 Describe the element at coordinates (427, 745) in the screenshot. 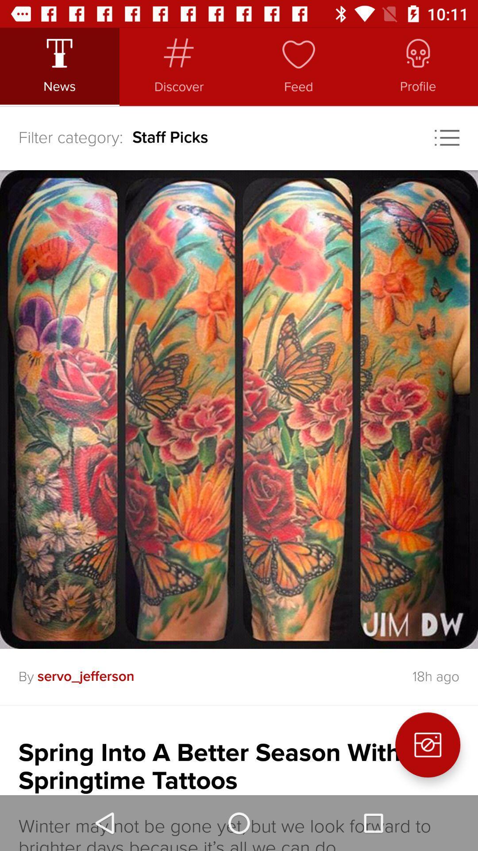

I see `the photo icon` at that location.